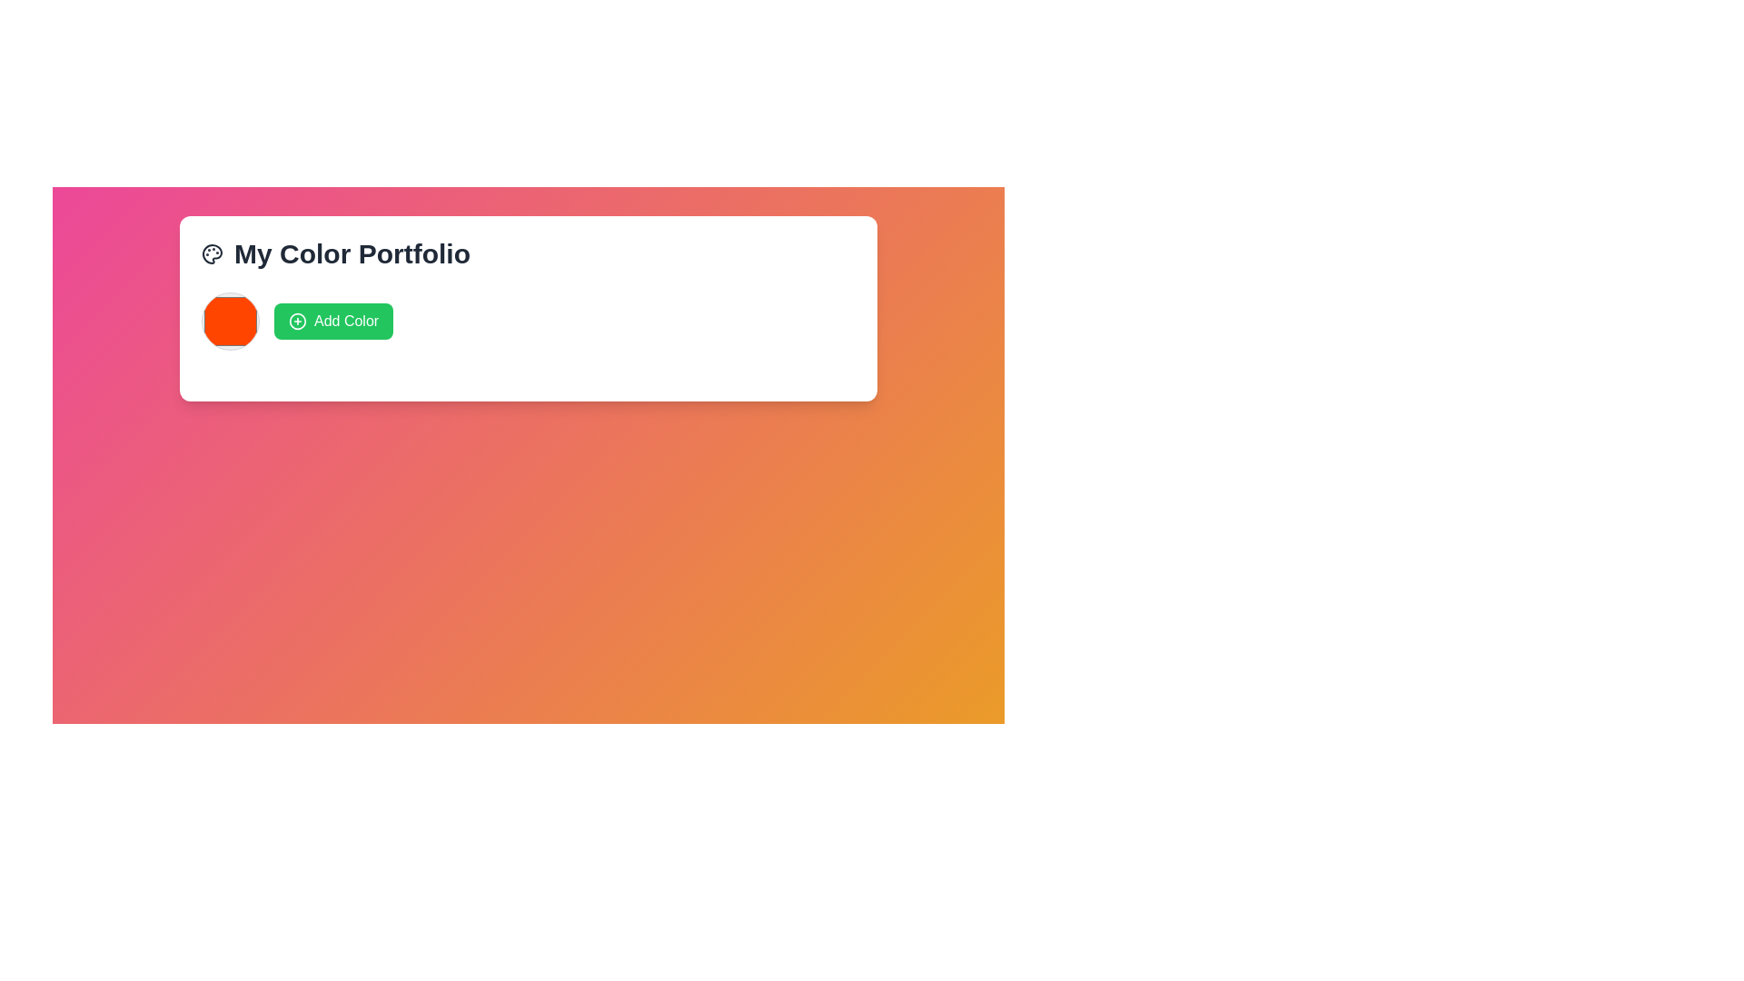 Image resolution: width=1744 pixels, height=981 pixels. I want to click on the SVG Circle that serves as a decorative border for the icon located in the top-left area of the card titled 'My Color Portfolio', so click(297, 321).